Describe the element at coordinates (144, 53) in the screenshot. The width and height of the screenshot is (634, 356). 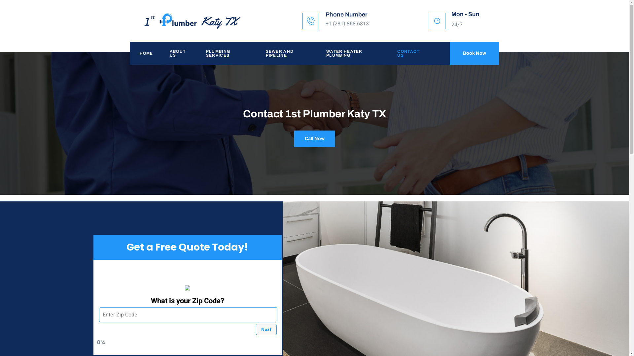
I see `'HOME'` at that location.